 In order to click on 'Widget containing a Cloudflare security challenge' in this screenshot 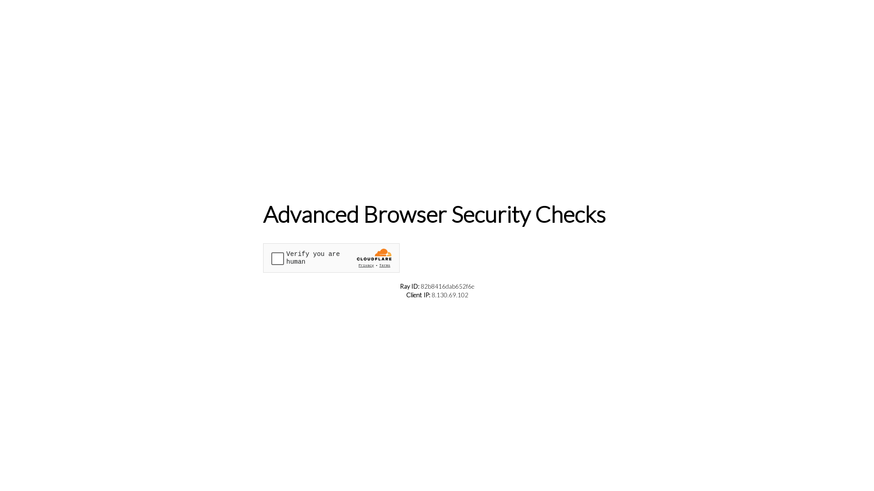, I will do `click(331, 257)`.